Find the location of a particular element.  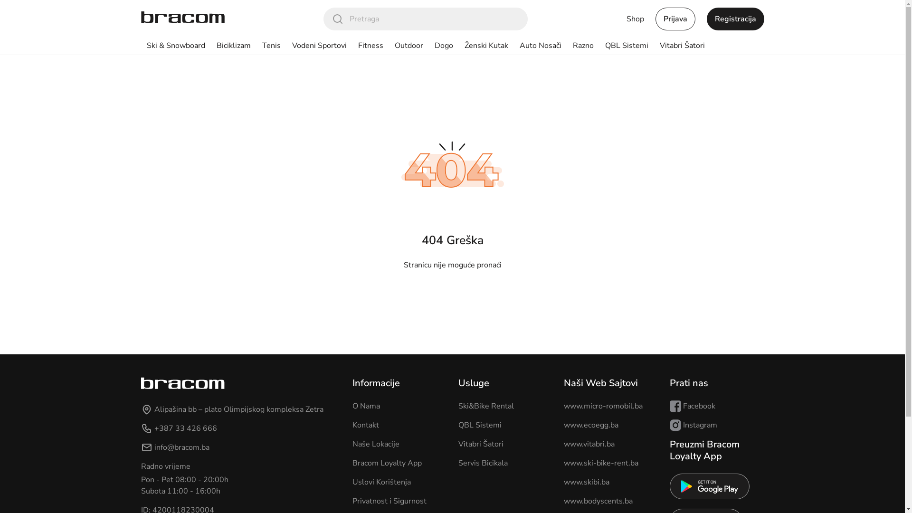

'www.ski-bike-rent.ba' is located at coordinates (600, 463).